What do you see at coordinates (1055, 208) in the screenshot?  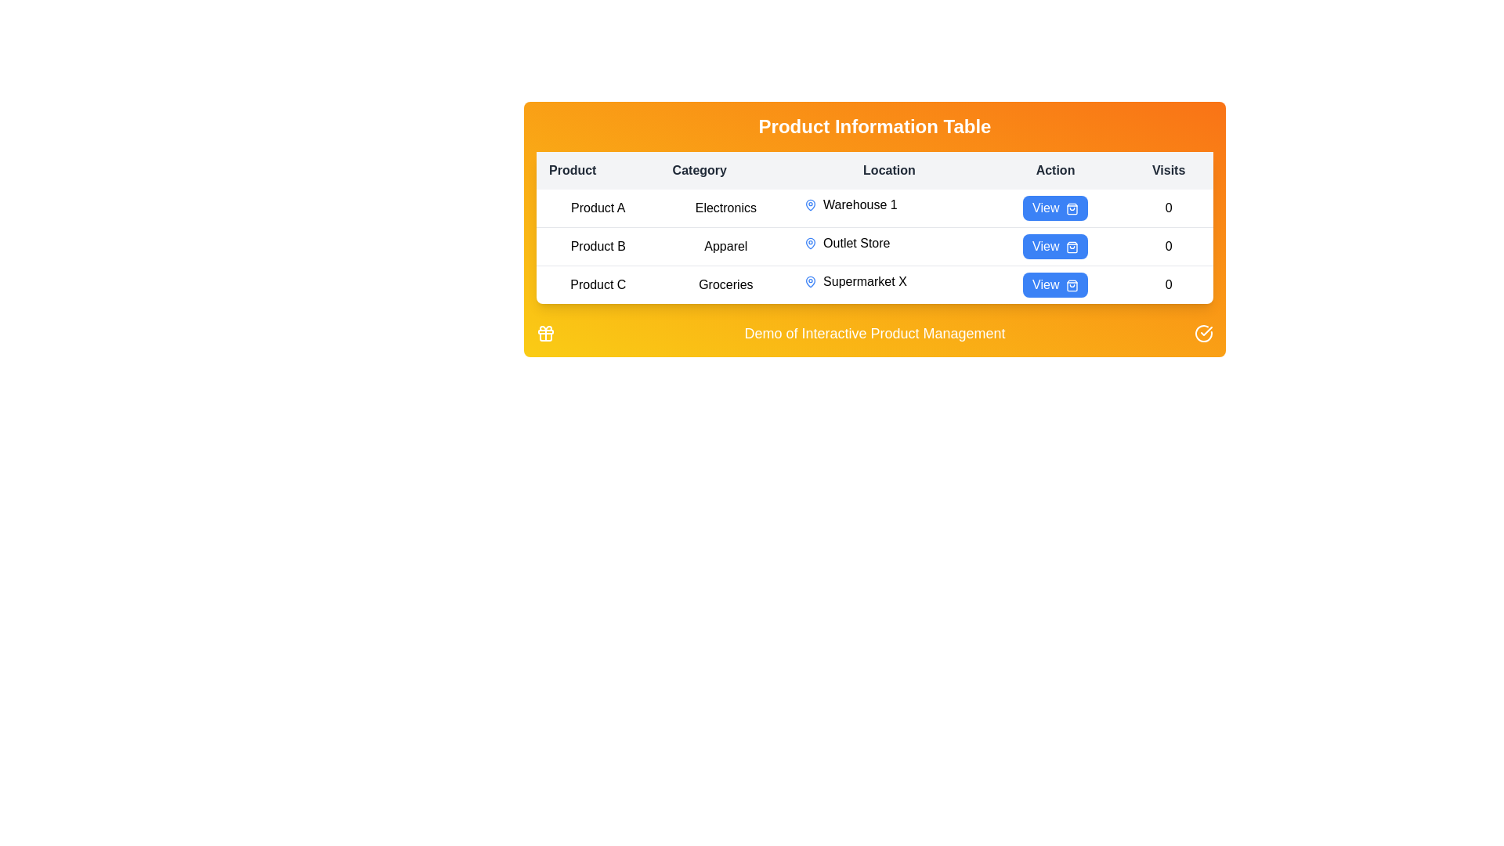 I see `the blue rectangular button labeled 'View' with a shopping bag icon to observe style changes` at bounding box center [1055, 208].